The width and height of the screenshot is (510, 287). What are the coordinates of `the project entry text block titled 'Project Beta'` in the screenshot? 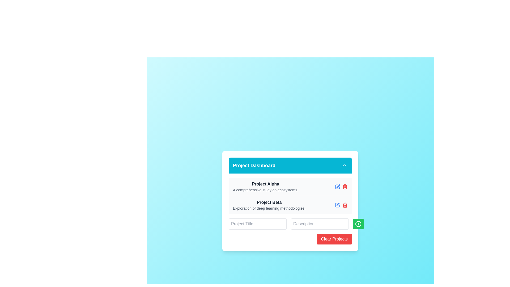 It's located at (269, 205).